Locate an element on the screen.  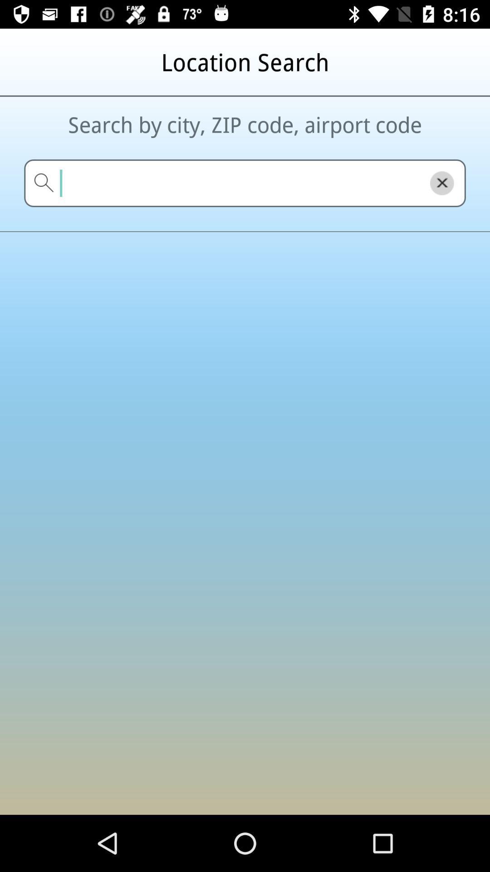
the close icon is located at coordinates (441, 183).